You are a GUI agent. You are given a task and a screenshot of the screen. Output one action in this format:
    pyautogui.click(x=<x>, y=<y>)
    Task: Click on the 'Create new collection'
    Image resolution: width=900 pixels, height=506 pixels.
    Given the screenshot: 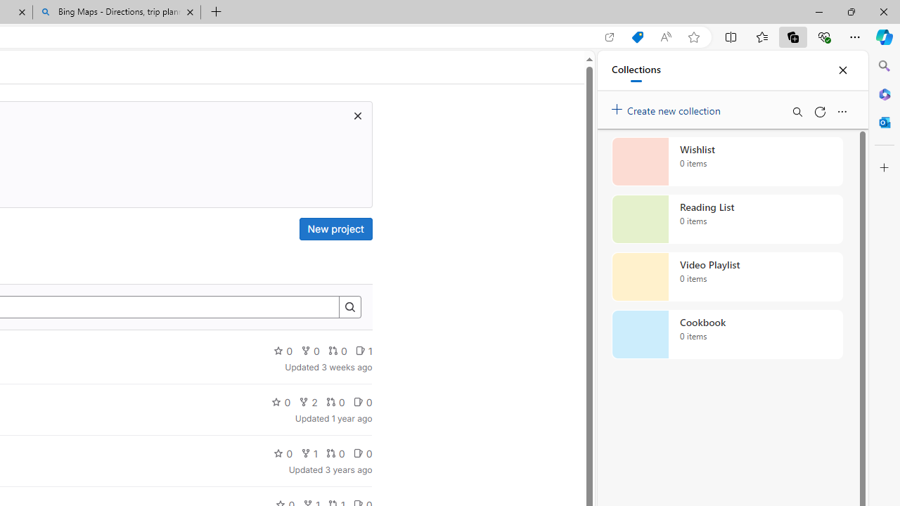 What is the action you would take?
    pyautogui.click(x=668, y=107)
    